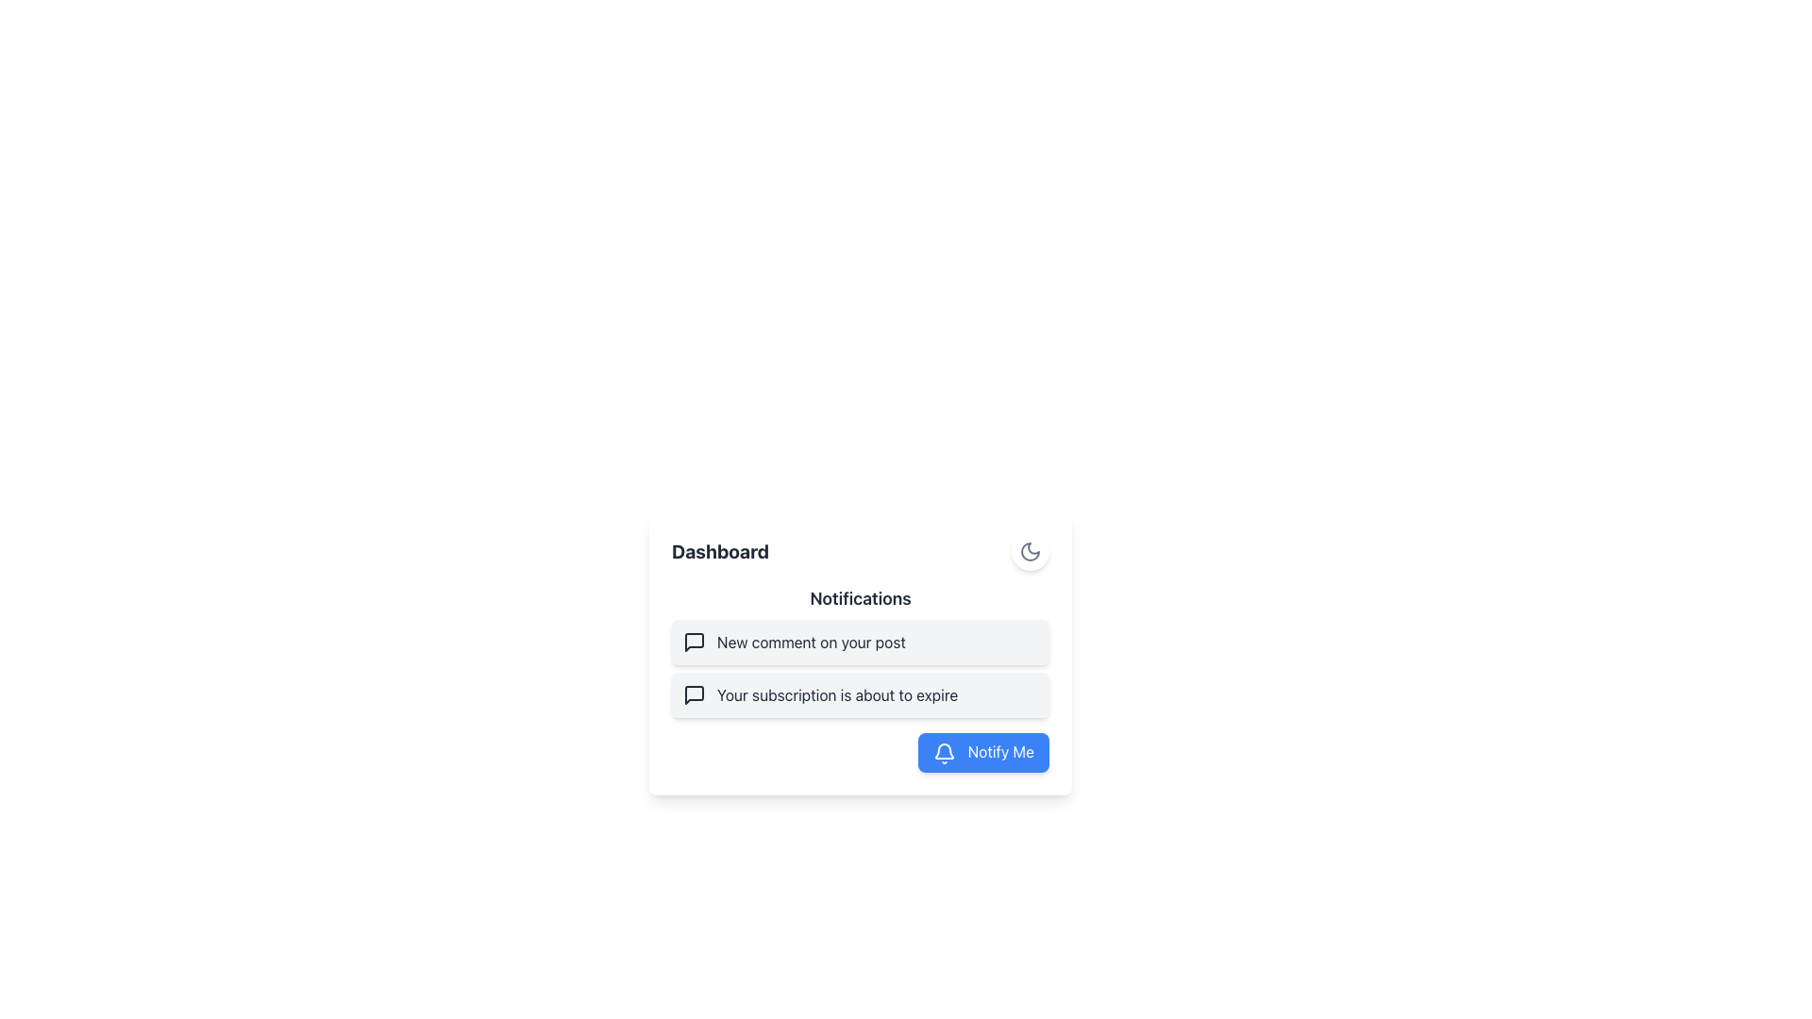 The width and height of the screenshot is (1812, 1019). I want to click on the notification entry card that contains the text 'Your subscription is about to expire.' and a chat bubble icon, which is the second entry in the notifications list, so click(860, 694).